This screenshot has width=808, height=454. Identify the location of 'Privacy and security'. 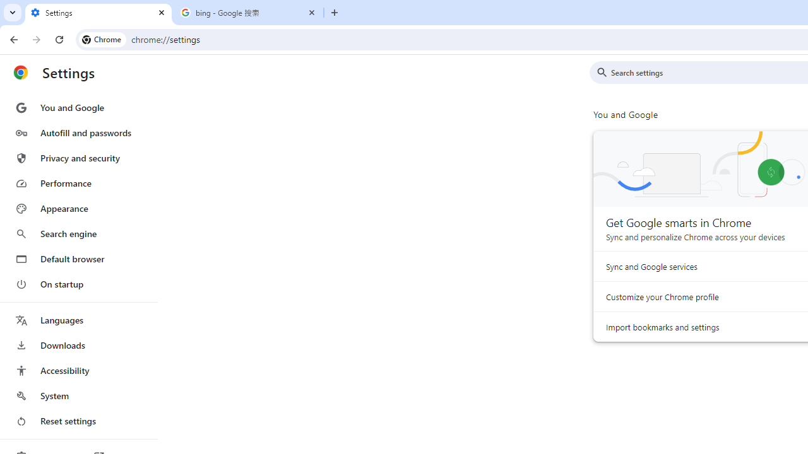
(78, 157).